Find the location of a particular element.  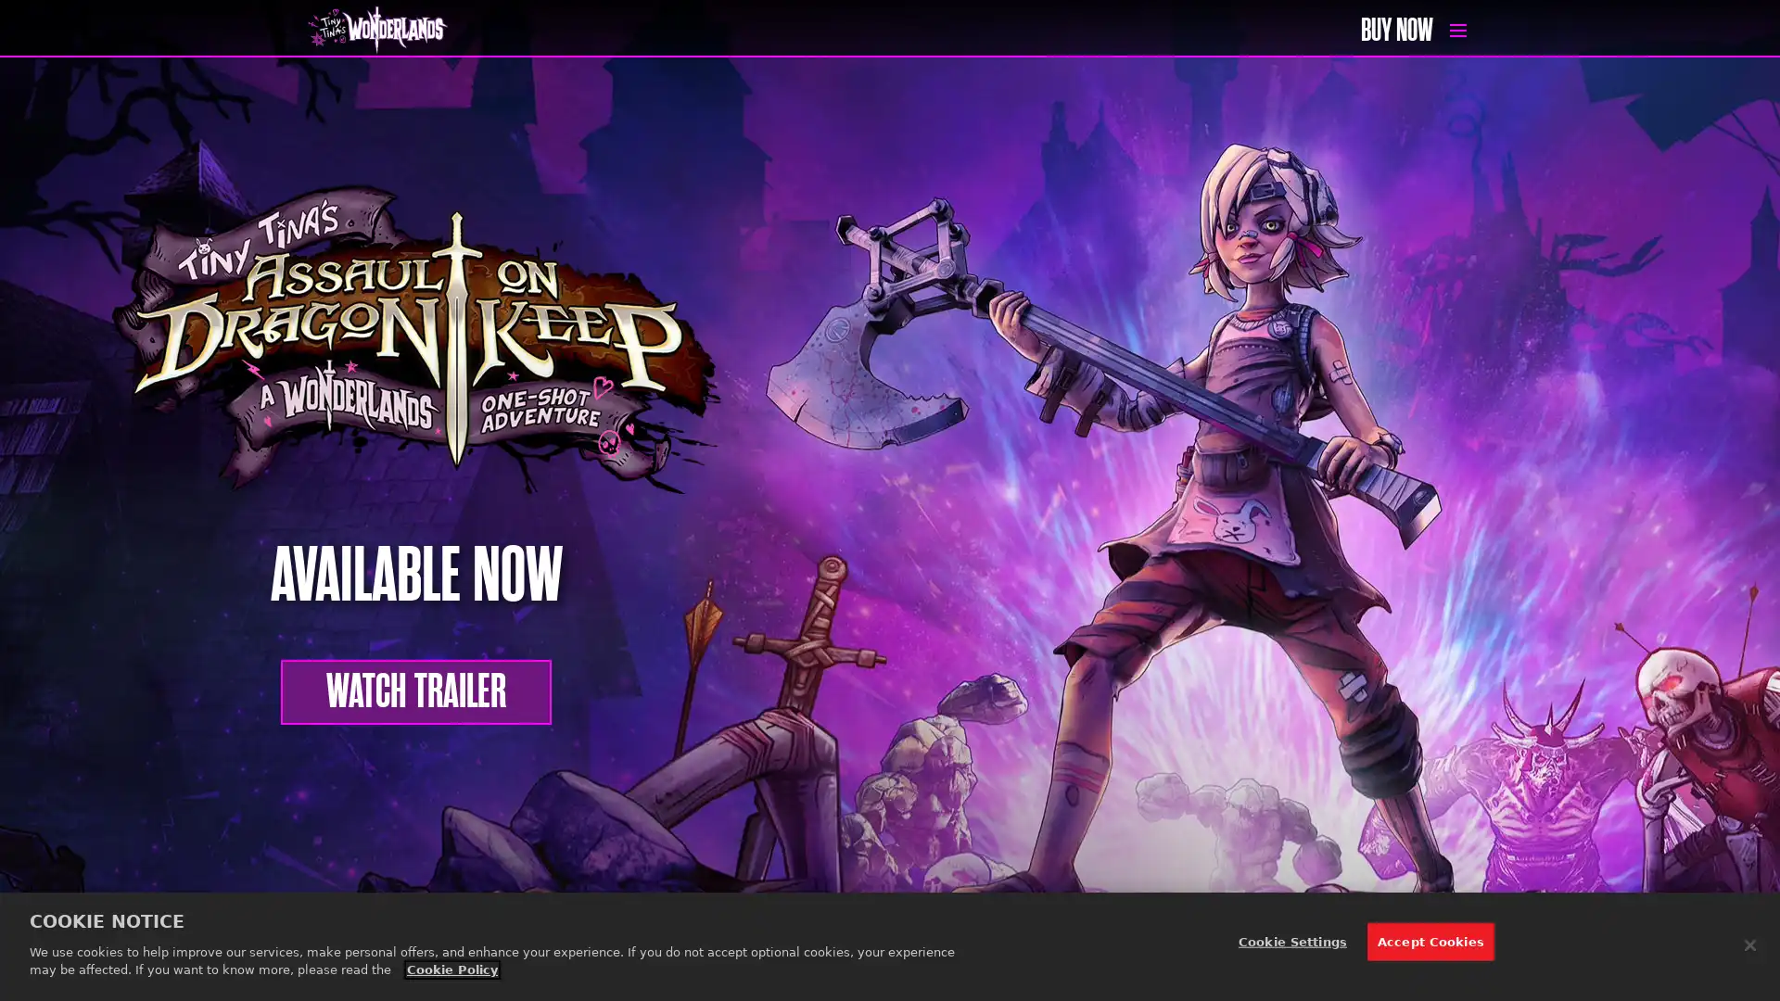

Accept Cookies is located at coordinates (1429, 941).